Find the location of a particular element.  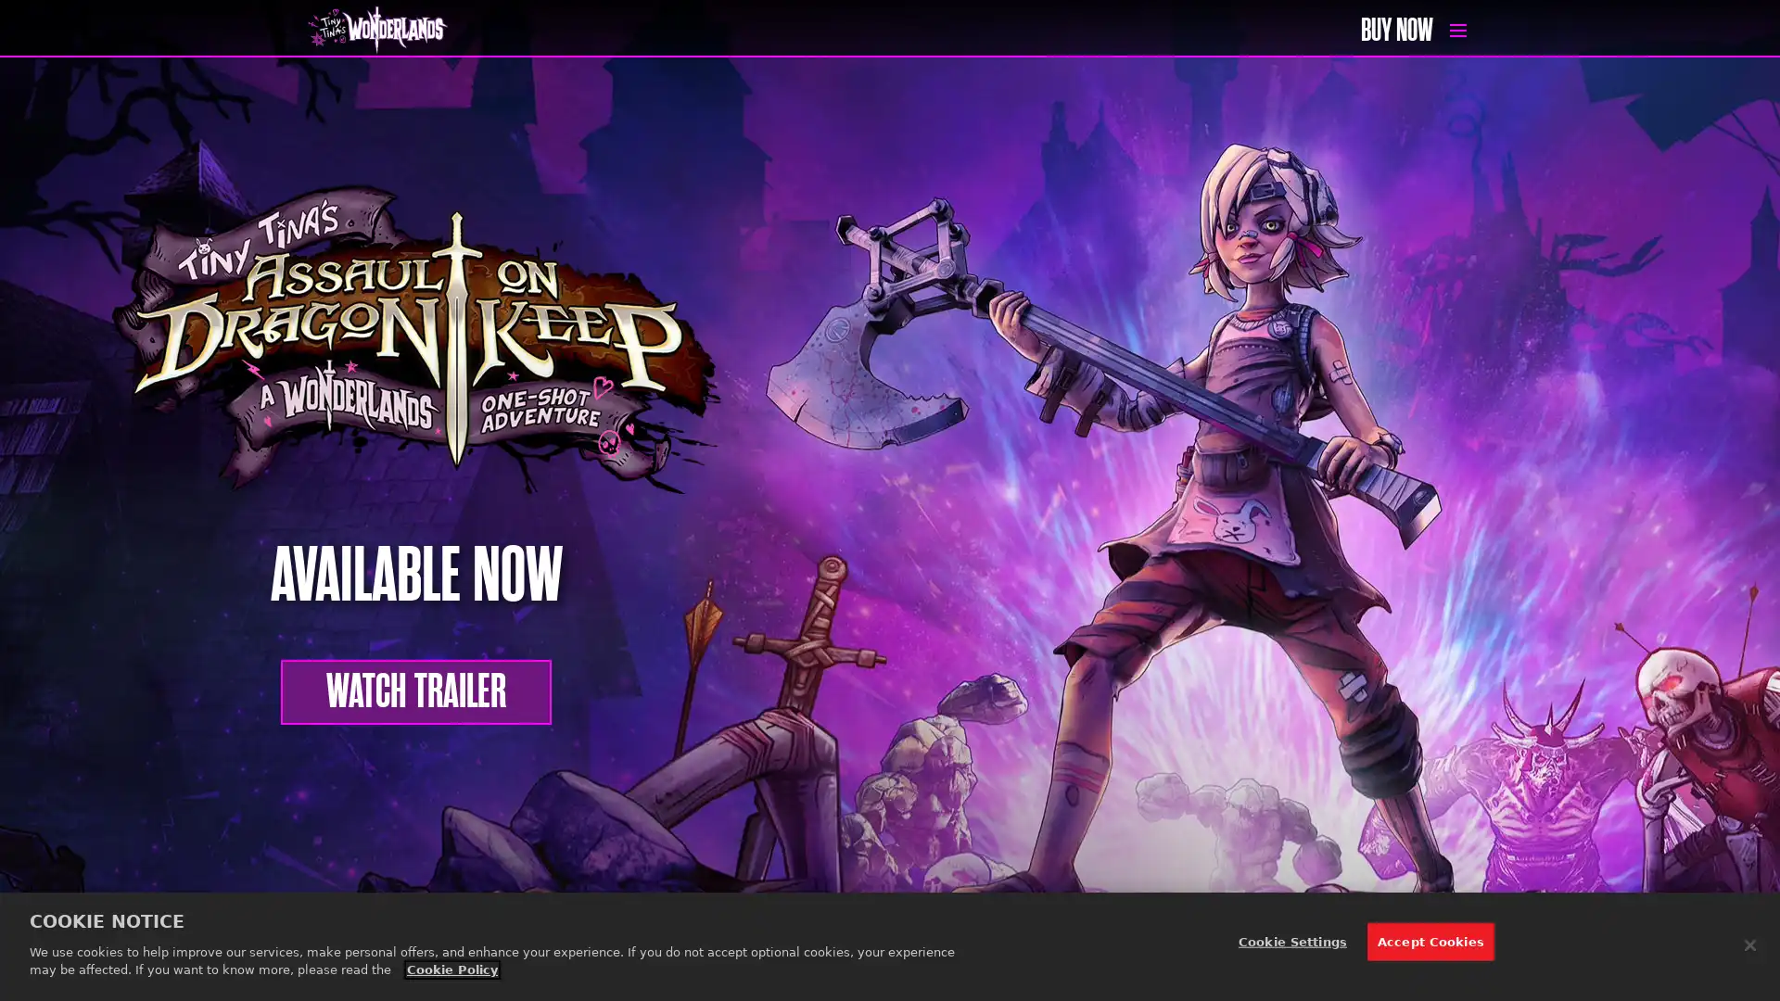

Accept Cookies is located at coordinates (1429, 941).